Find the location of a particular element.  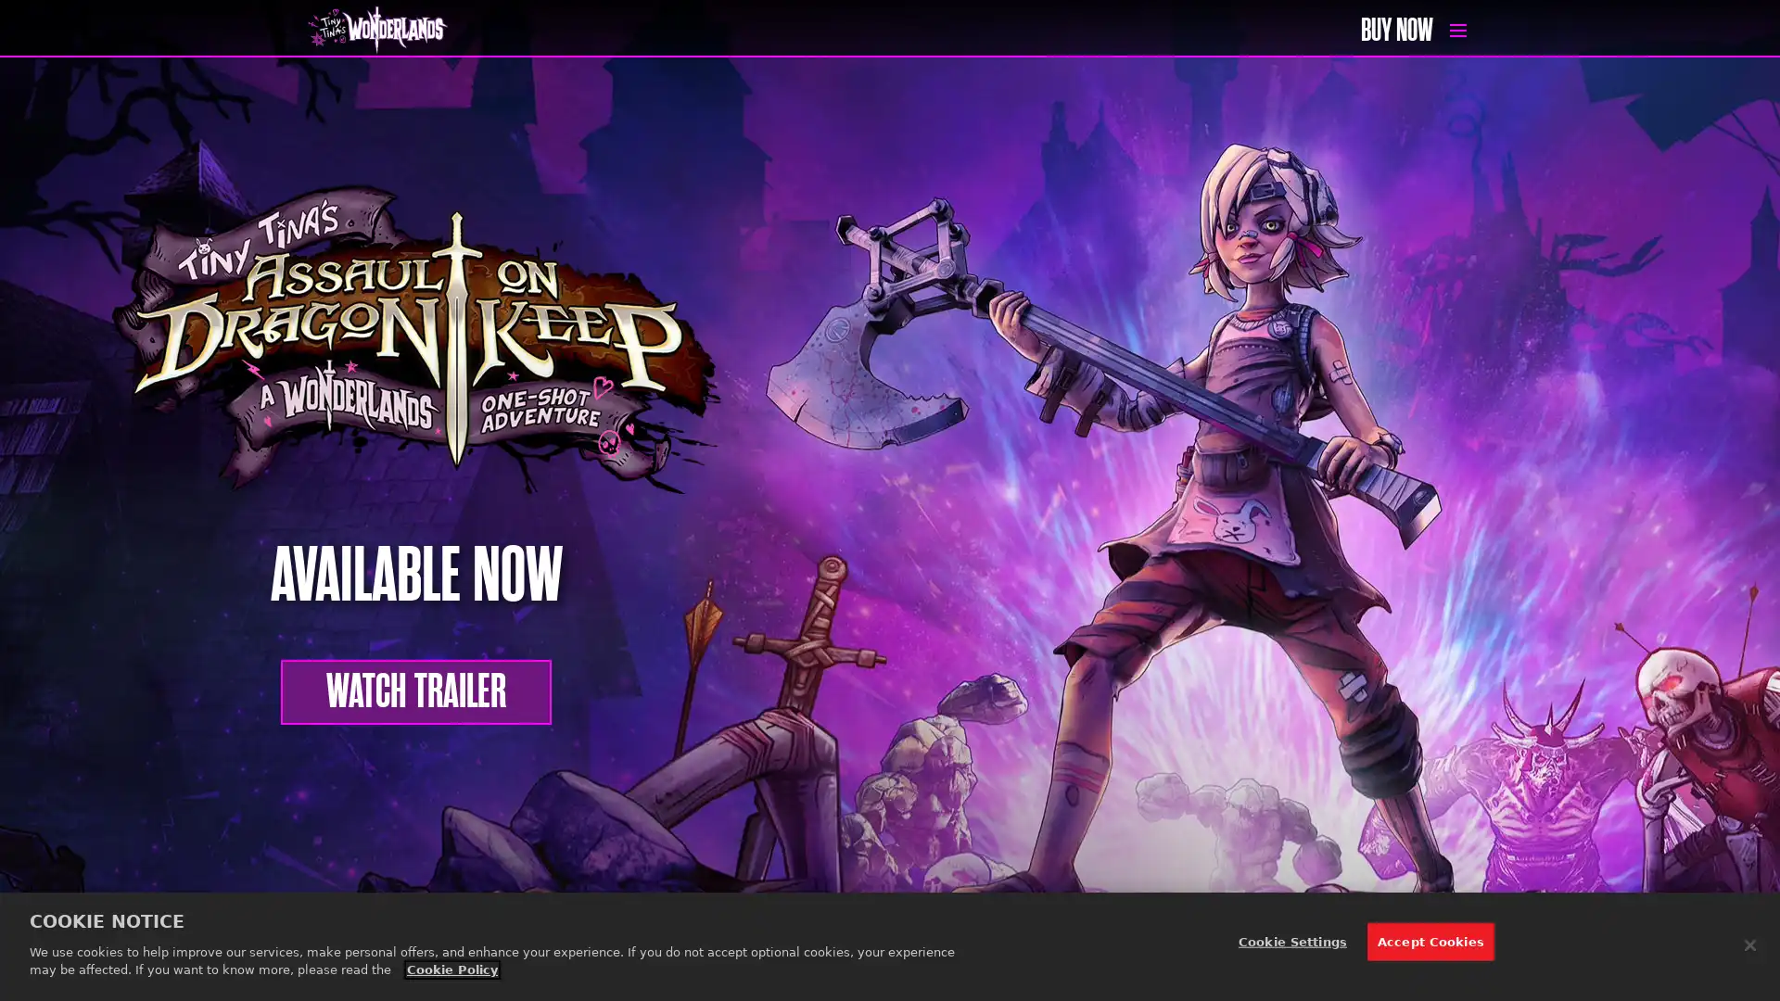

Accept Cookies is located at coordinates (1429, 941).